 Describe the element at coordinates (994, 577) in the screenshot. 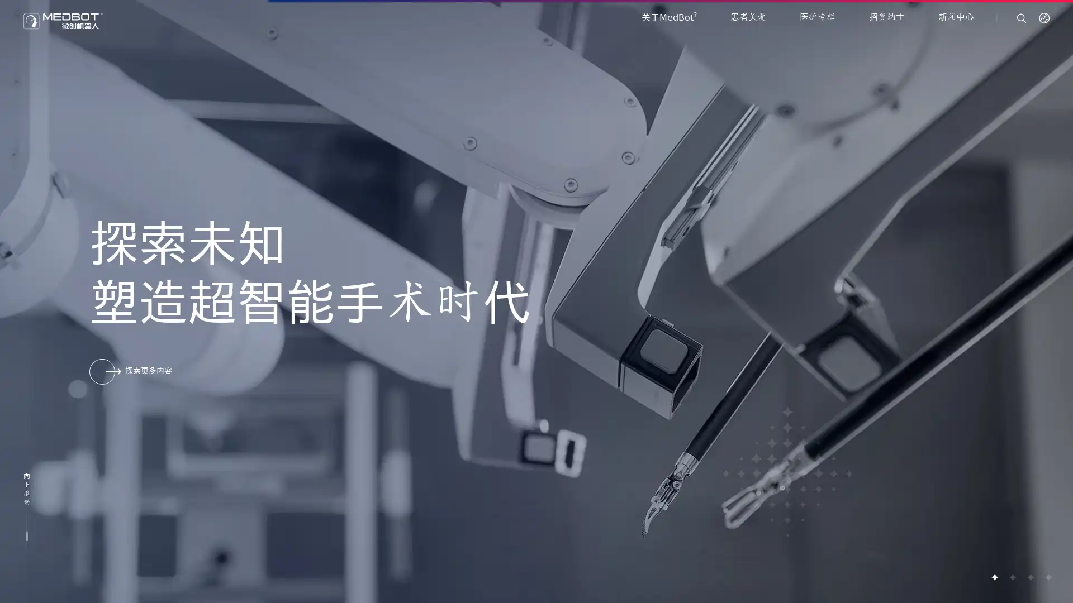

I see `Go to slide 1` at that location.